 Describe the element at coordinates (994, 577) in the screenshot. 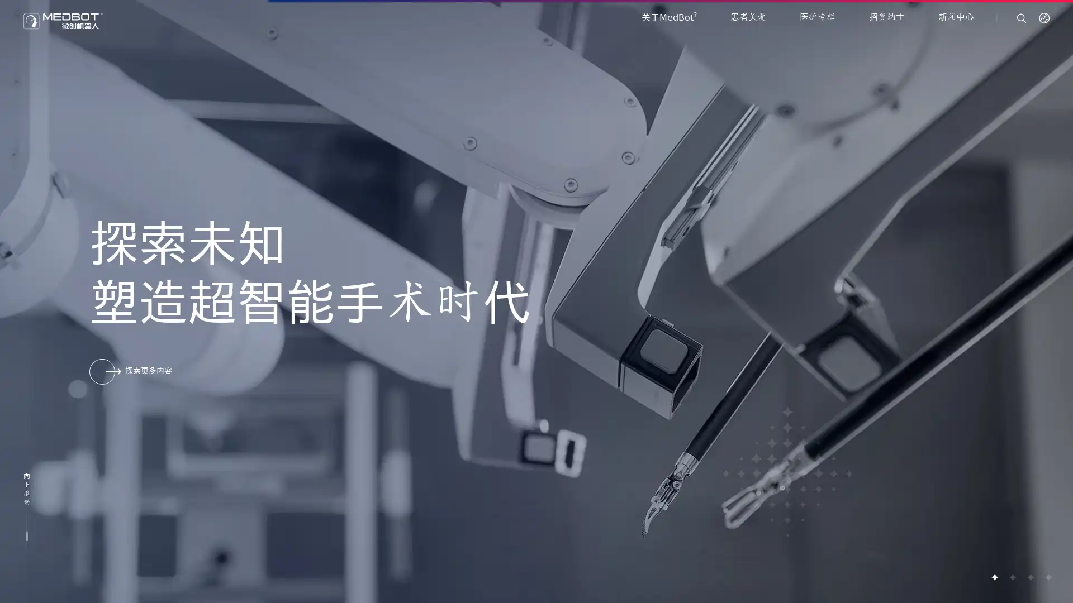

I see `Go to slide 1` at that location.